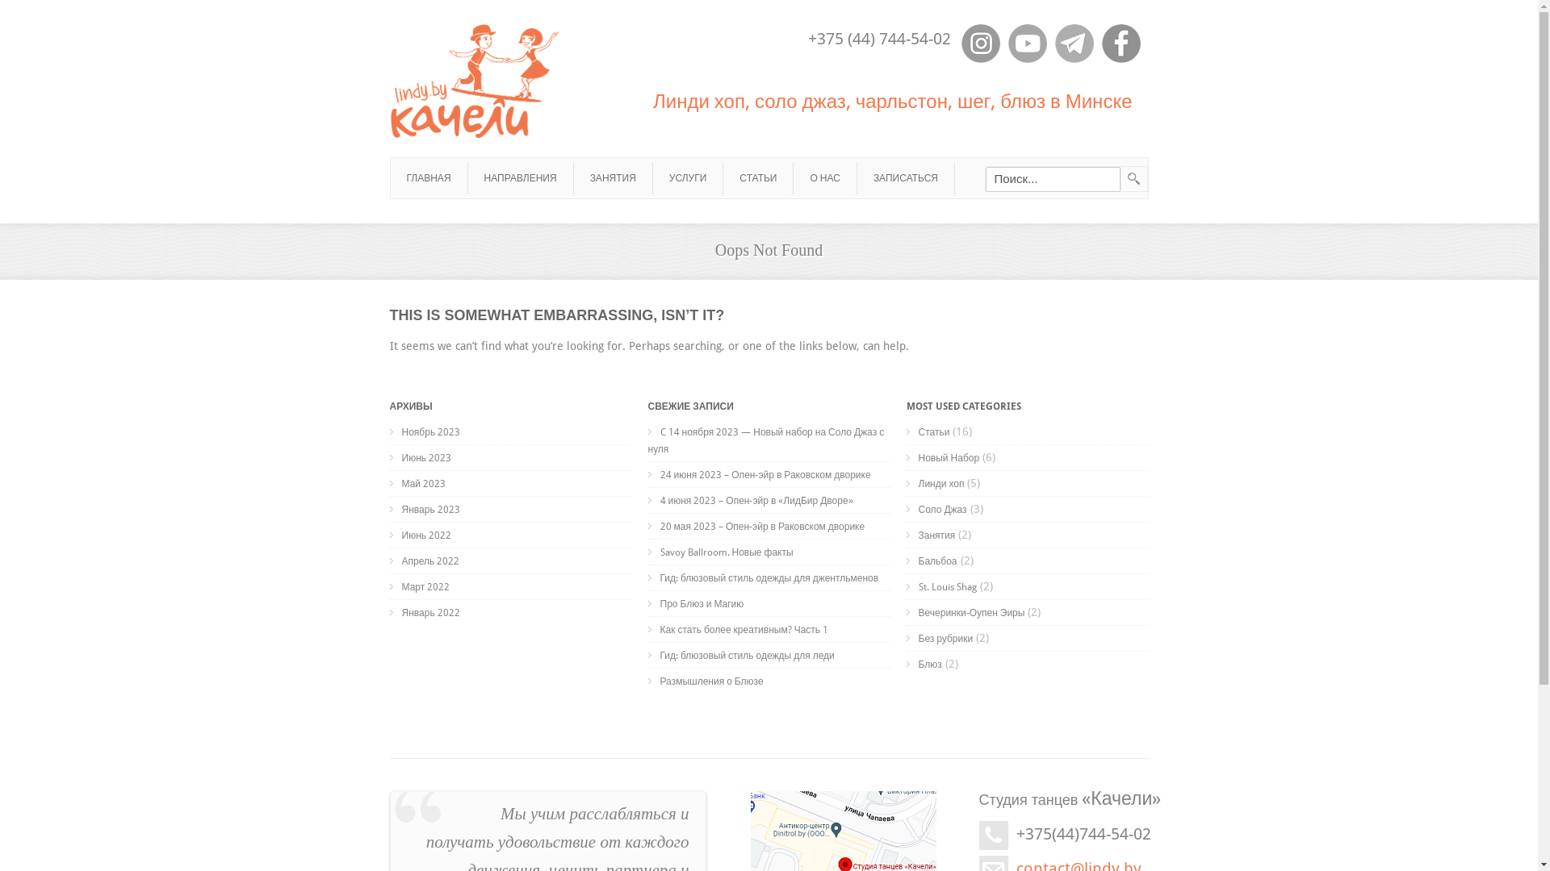 The width and height of the screenshot is (1550, 871). I want to click on '+375(44)744-54-02', so click(1083, 833).